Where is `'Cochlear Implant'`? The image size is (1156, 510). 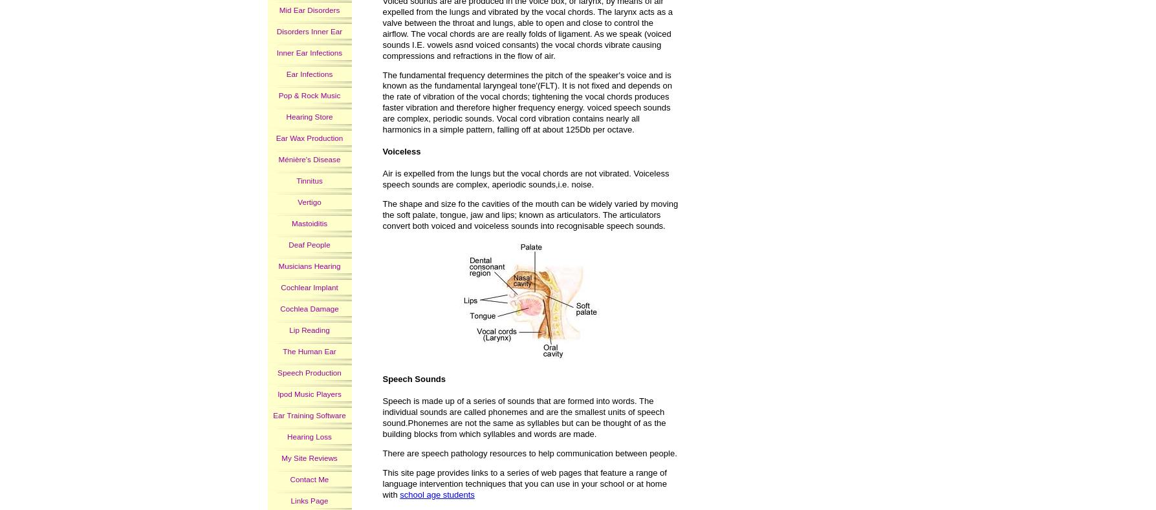 'Cochlear Implant' is located at coordinates (309, 286).